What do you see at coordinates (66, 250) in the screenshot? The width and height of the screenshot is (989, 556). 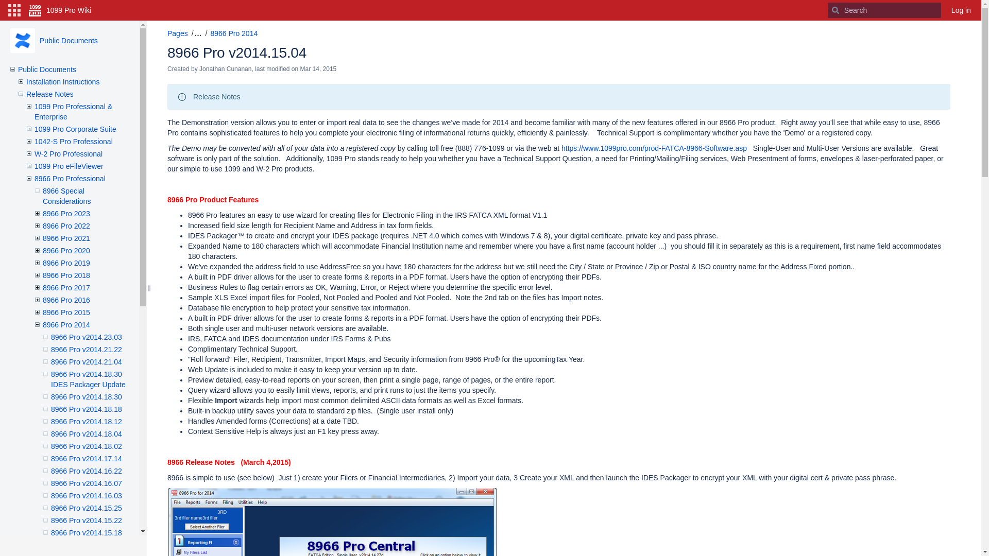 I see `'8966 Pro 2020'` at bounding box center [66, 250].